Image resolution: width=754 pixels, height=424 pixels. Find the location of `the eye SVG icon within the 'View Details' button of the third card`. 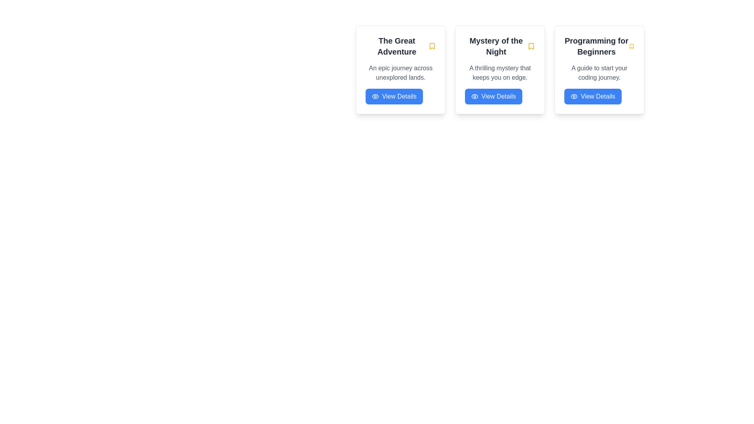

the eye SVG icon within the 'View Details' button of the third card is located at coordinates (574, 96).